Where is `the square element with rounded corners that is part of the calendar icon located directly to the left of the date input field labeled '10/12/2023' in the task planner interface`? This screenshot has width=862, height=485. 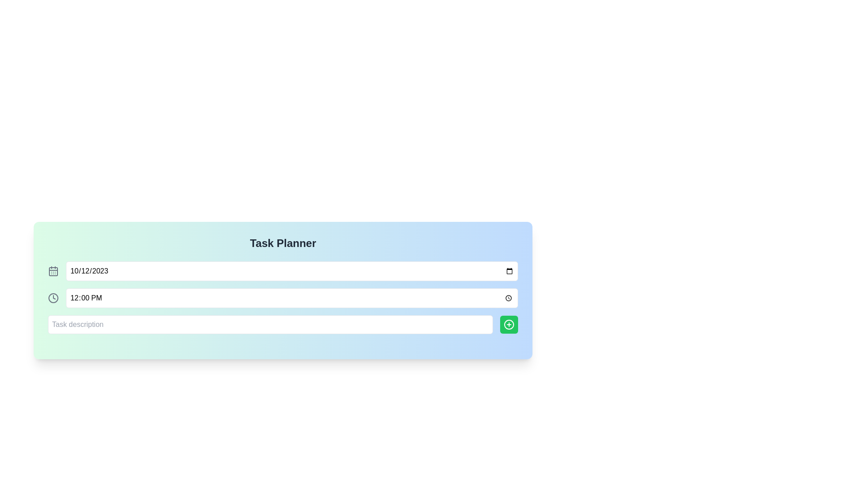
the square element with rounded corners that is part of the calendar icon located directly to the left of the date input field labeled '10/12/2023' in the task planner interface is located at coordinates (53, 271).